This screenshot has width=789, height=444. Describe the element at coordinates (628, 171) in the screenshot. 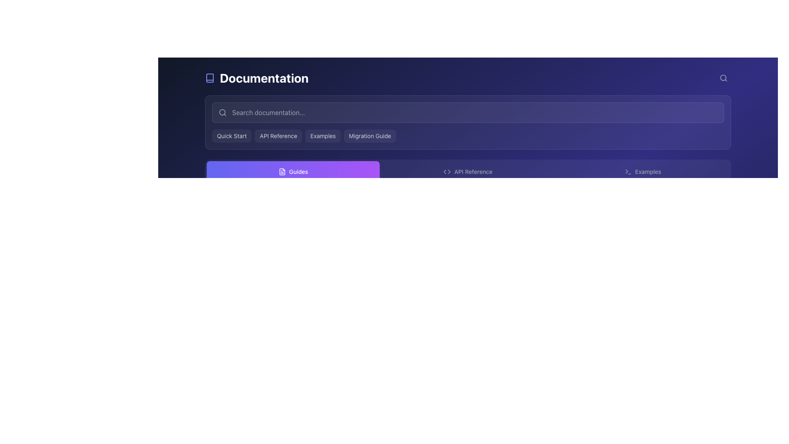

I see `the SVG icon next to the 'Examples' button` at that location.